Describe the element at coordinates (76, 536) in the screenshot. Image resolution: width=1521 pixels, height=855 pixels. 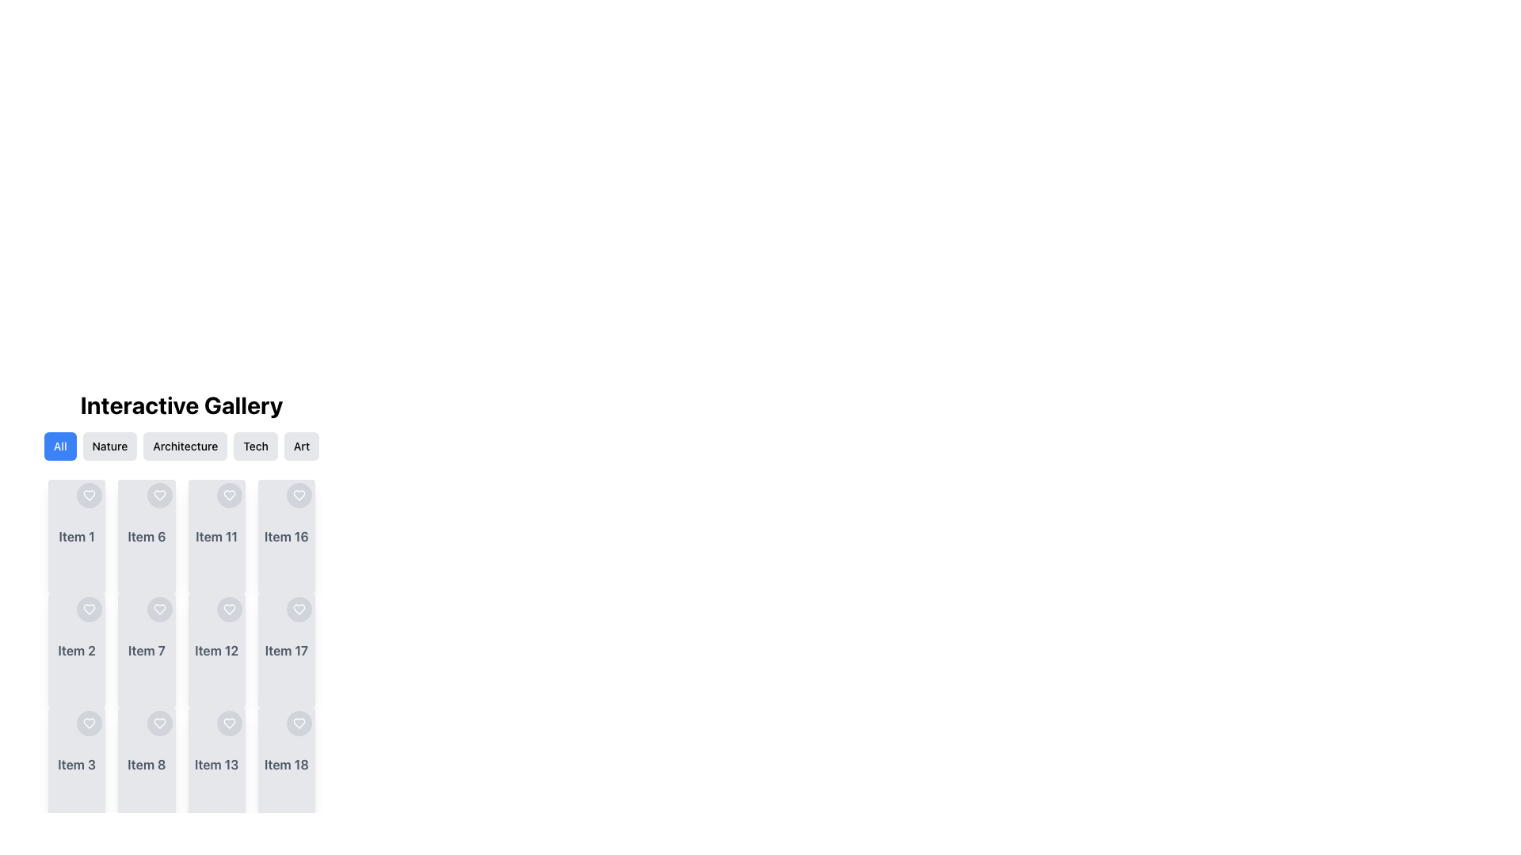
I see `the 'Item 1' card in the Interactive Gallery, located in the first column and first row, just beneath the blue 'All' filter button` at that location.